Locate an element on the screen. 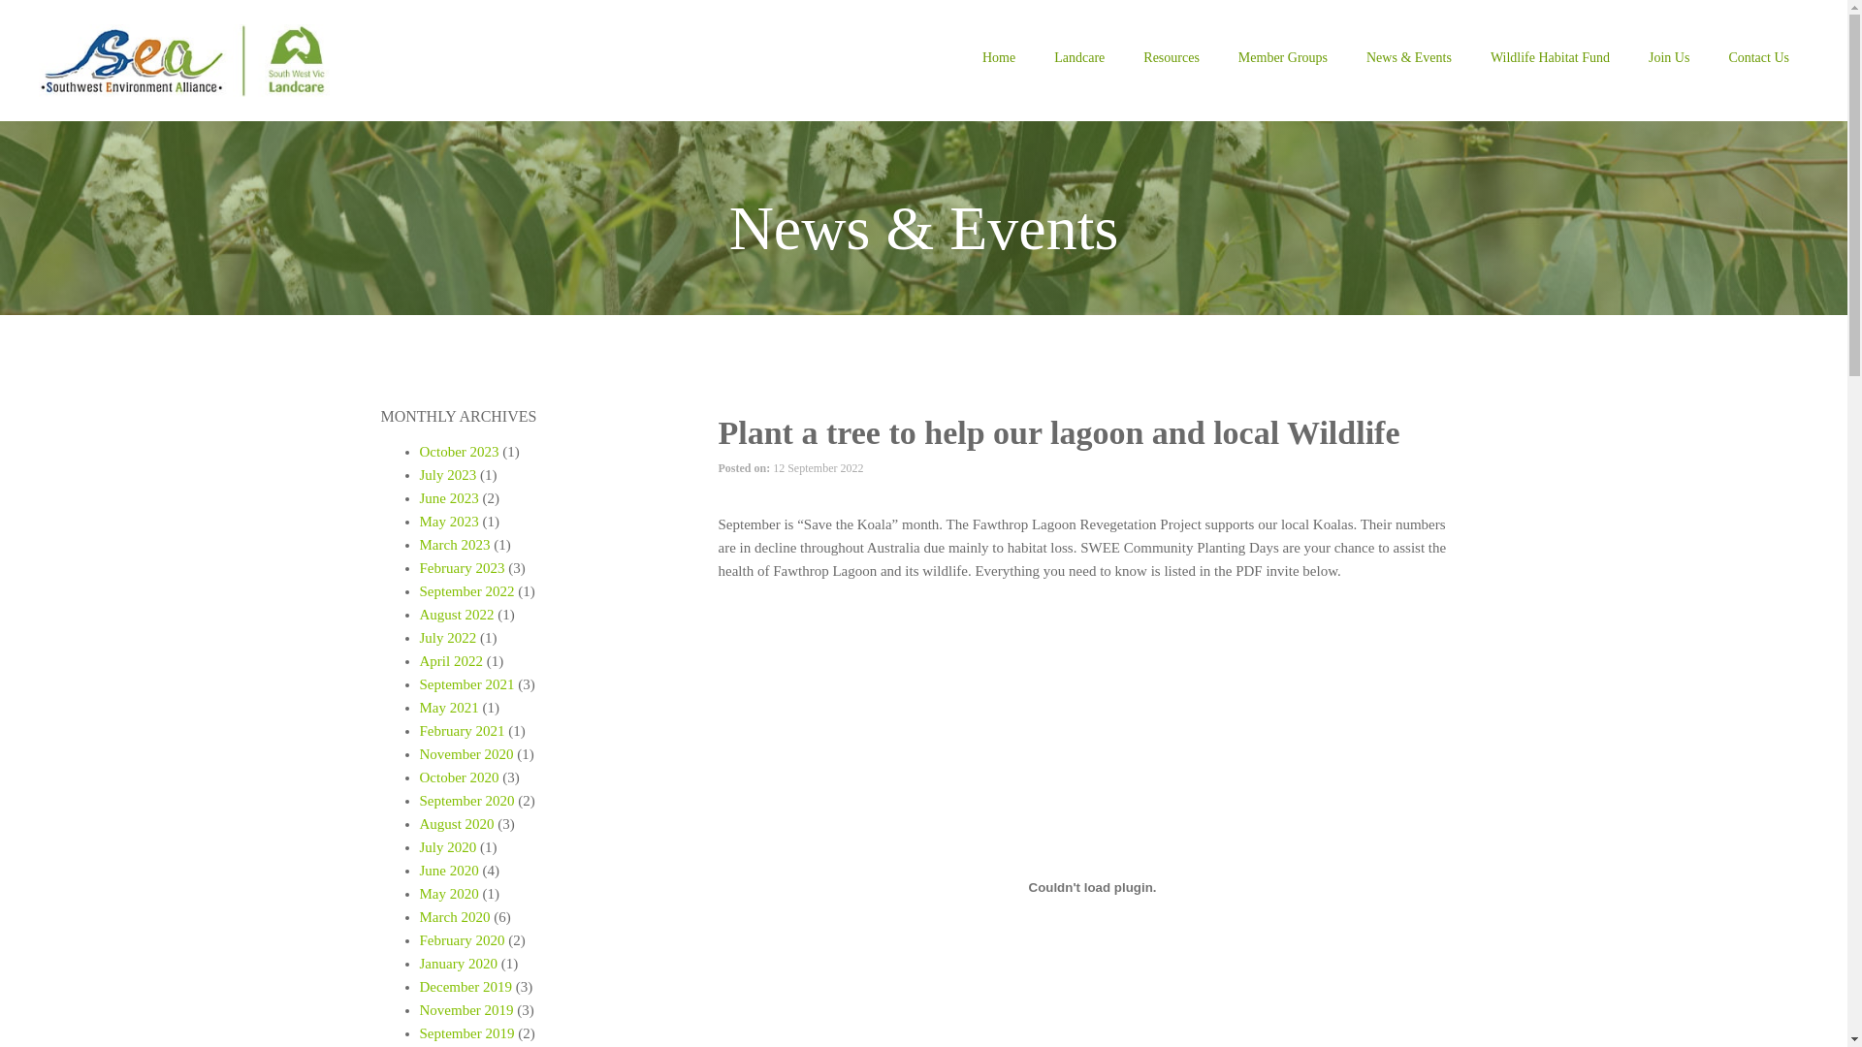  'July 2023' is located at coordinates (418, 474).